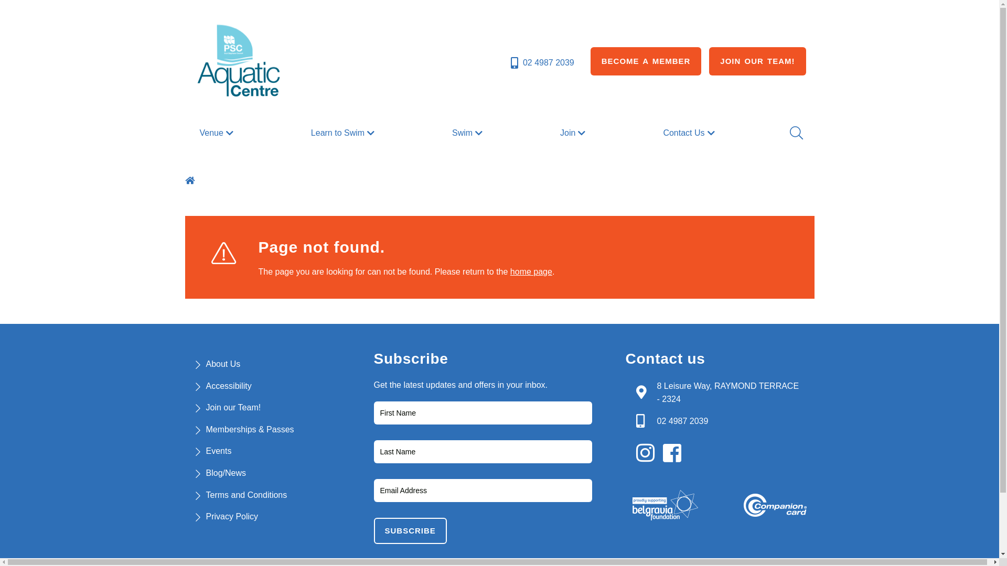 Image resolution: width=1007 pixels, height=566 pixels. Describe the element at coordinates (206, 407) in the screenshot. I see `'Join our Team!'` at that location.